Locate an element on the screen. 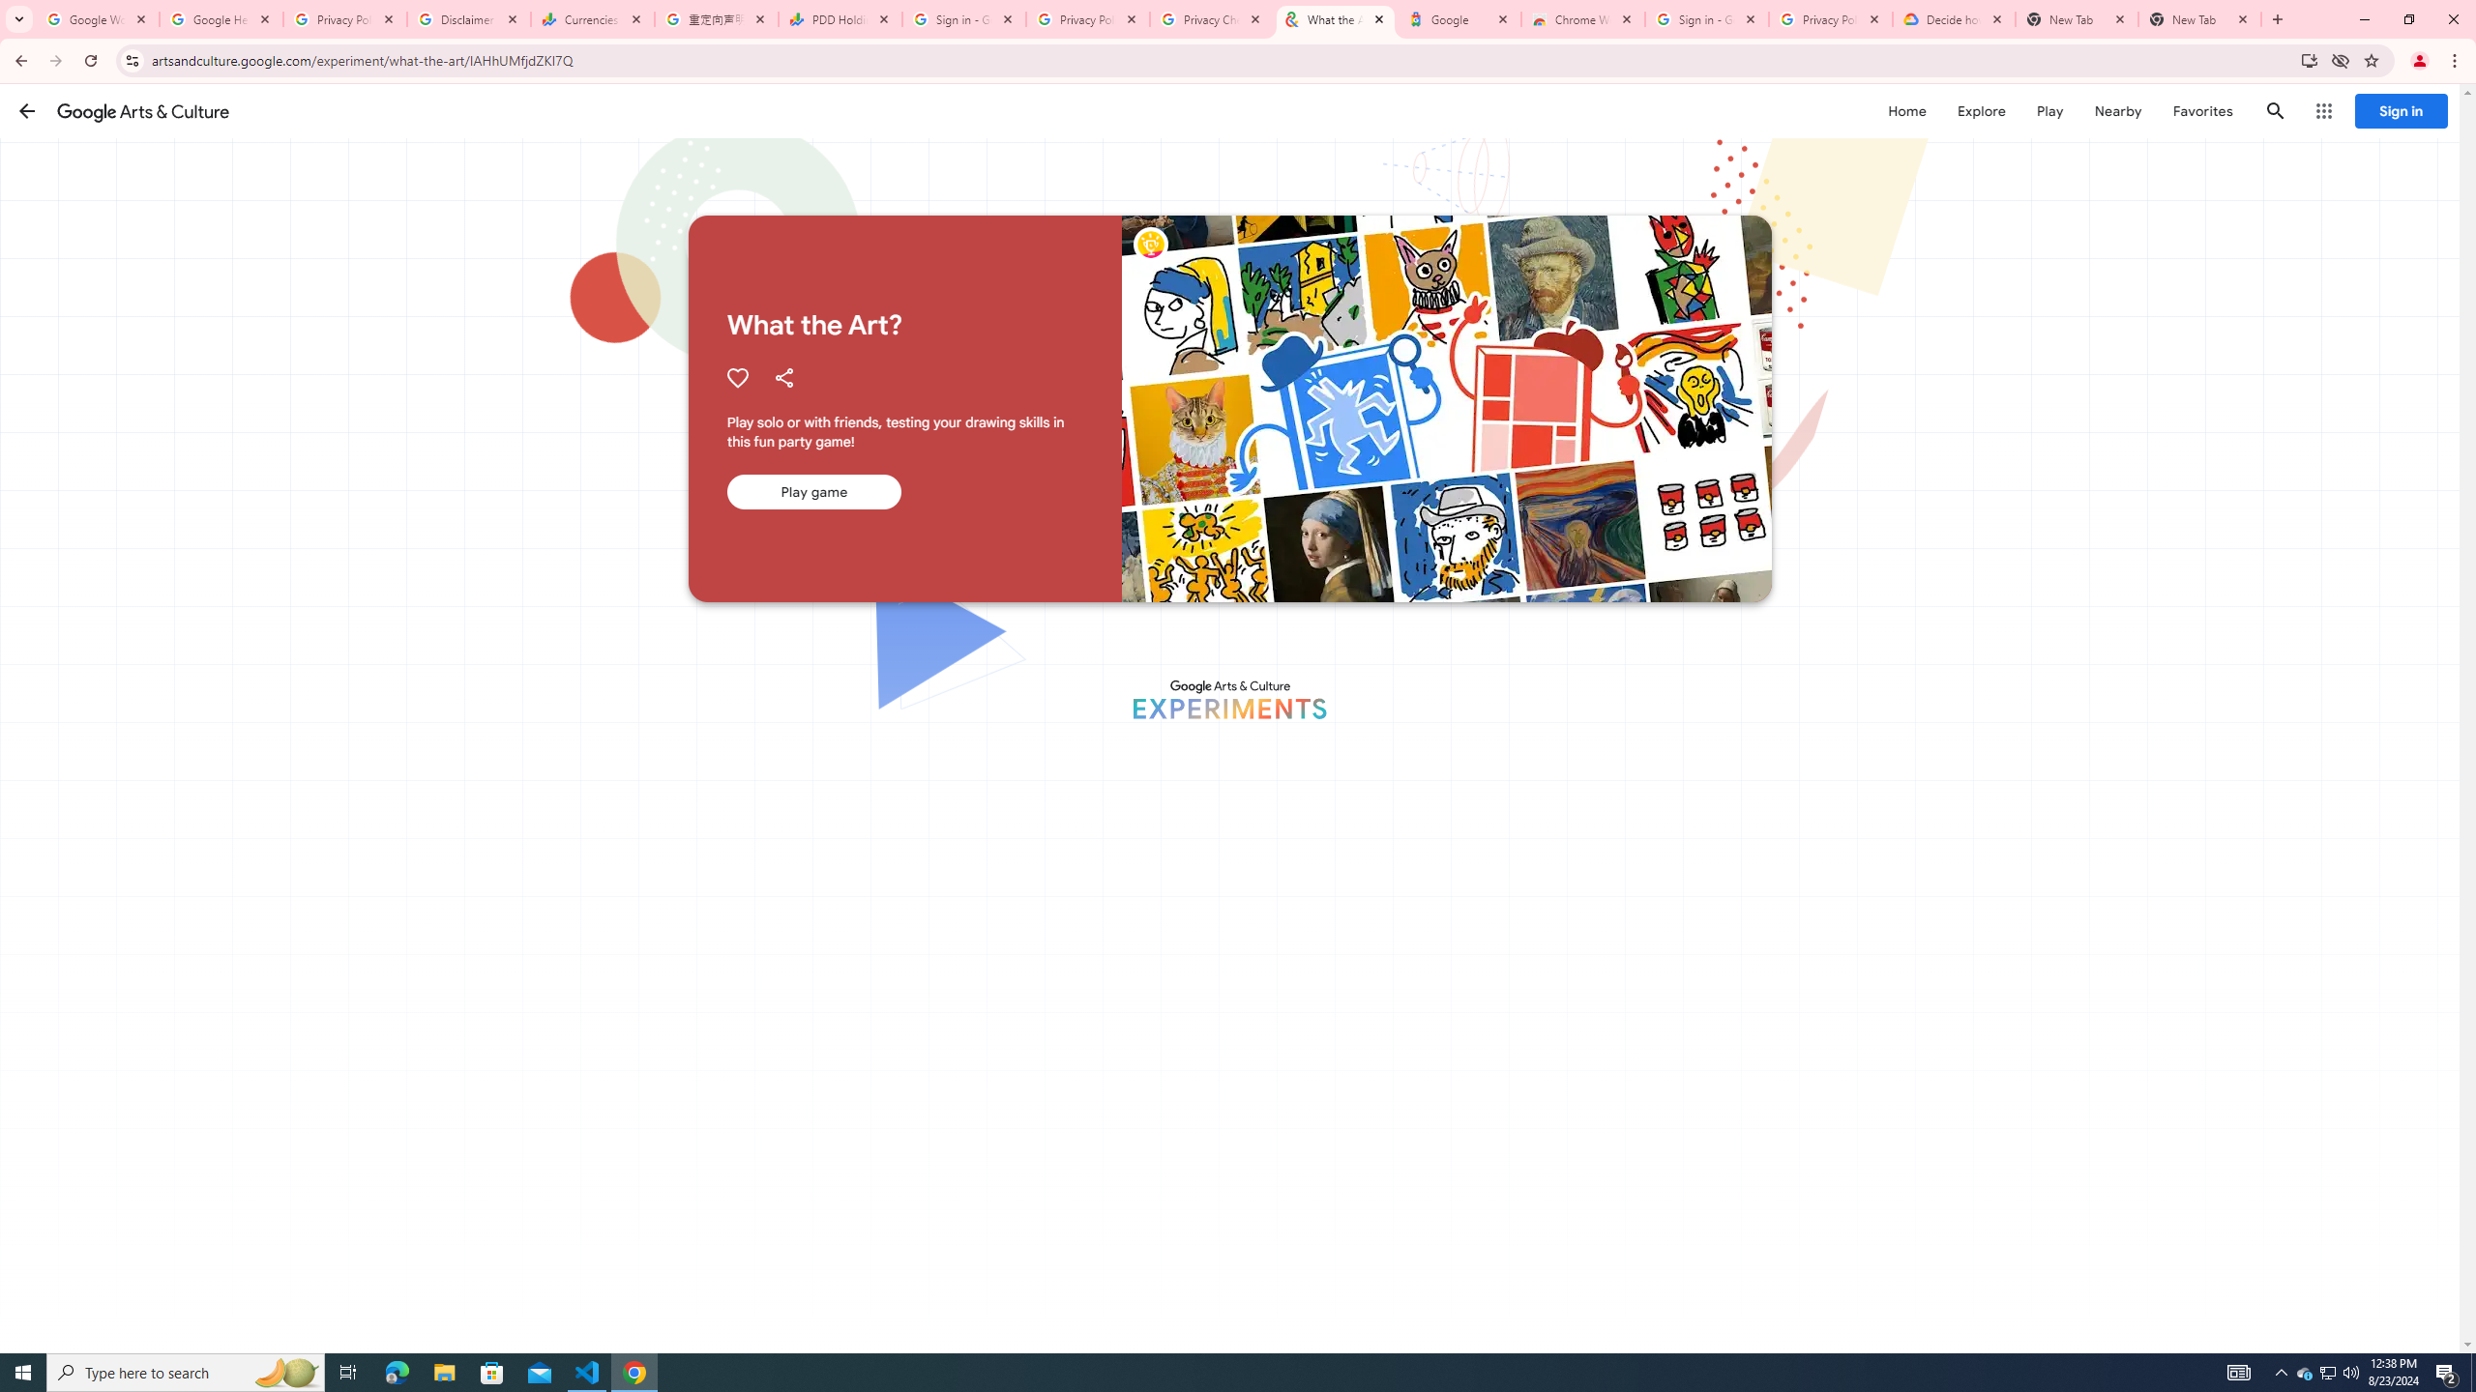 The height and width of the screenshot is (1392, 2476). 'Search tabs' is located at coordinates (18, 18).